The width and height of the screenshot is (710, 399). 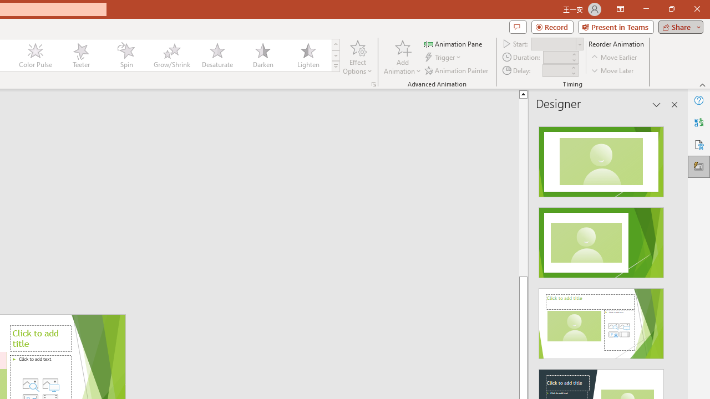 I want to click on 'Move Later', so click(x=612, y=70).